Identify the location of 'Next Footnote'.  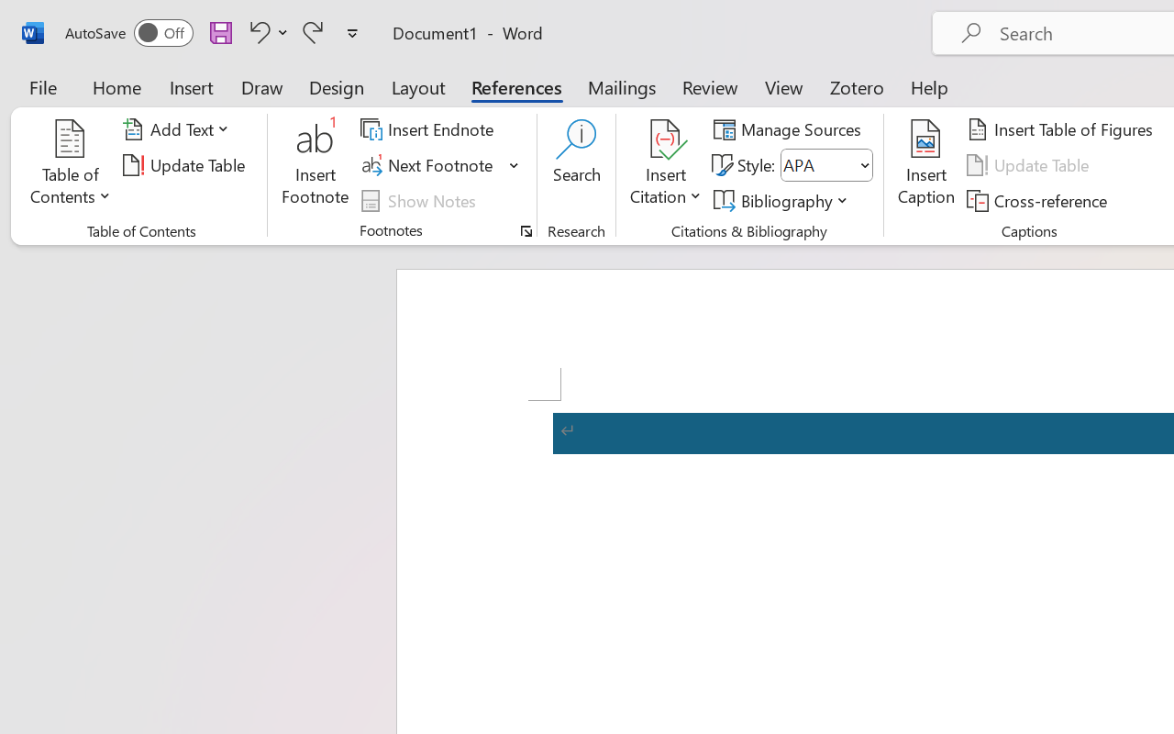
(440, 164).